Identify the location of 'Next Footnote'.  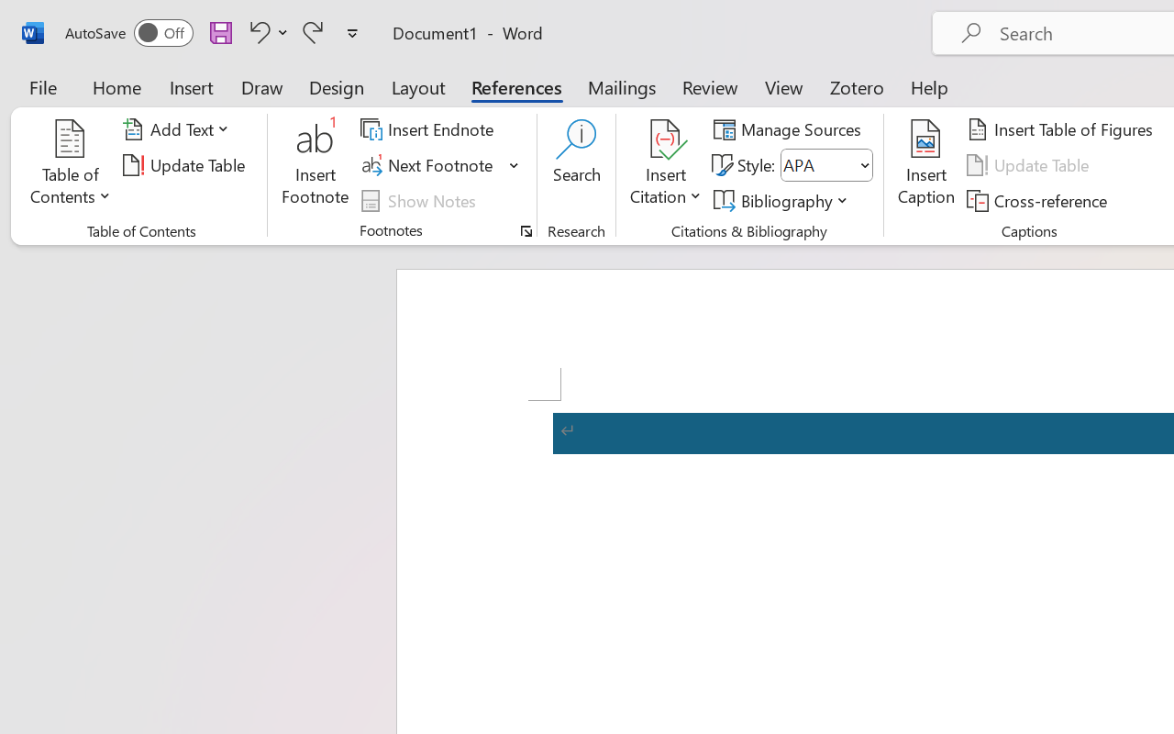
(440, 164).